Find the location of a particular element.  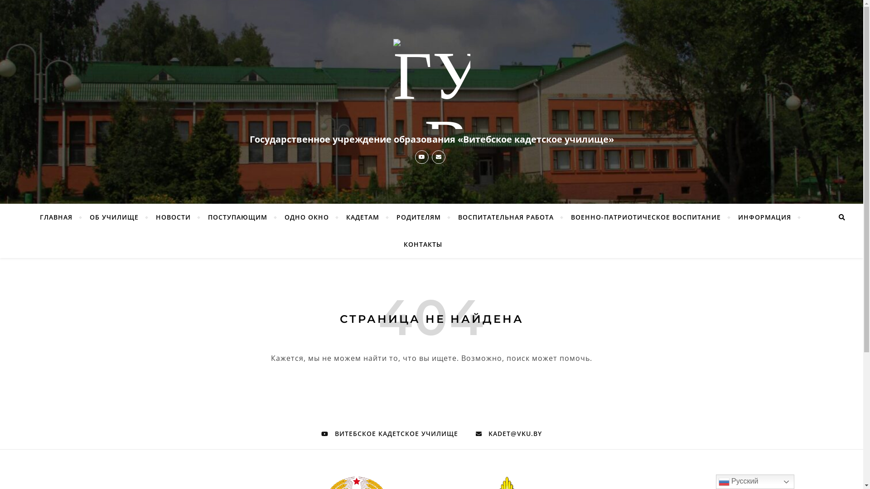

'KADET@VKU.BY' is located at coordinates (475, 433).